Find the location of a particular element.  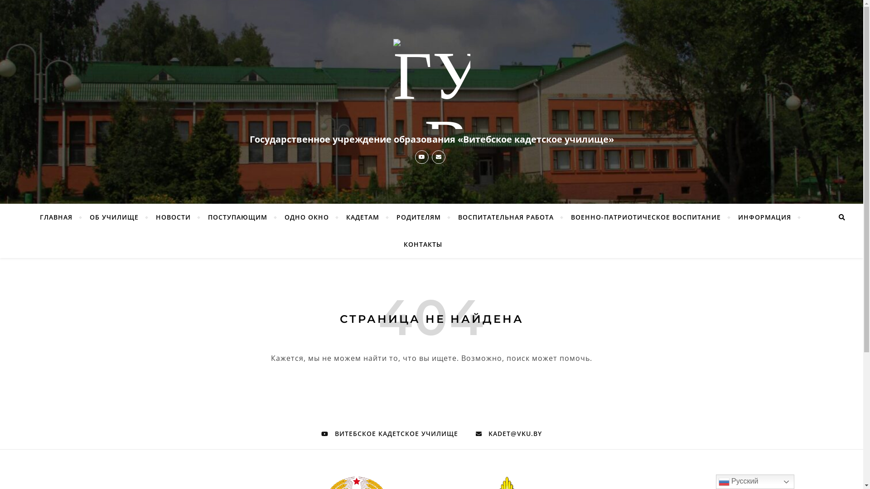

'KADET@VKU.BY' is located at coordinates (475, 433).